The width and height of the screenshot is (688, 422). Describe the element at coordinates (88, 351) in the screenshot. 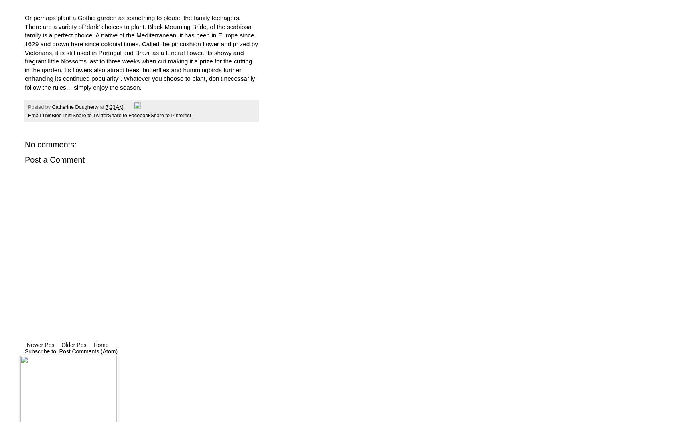

I see `'Post Comments (Atom)'` at that location.